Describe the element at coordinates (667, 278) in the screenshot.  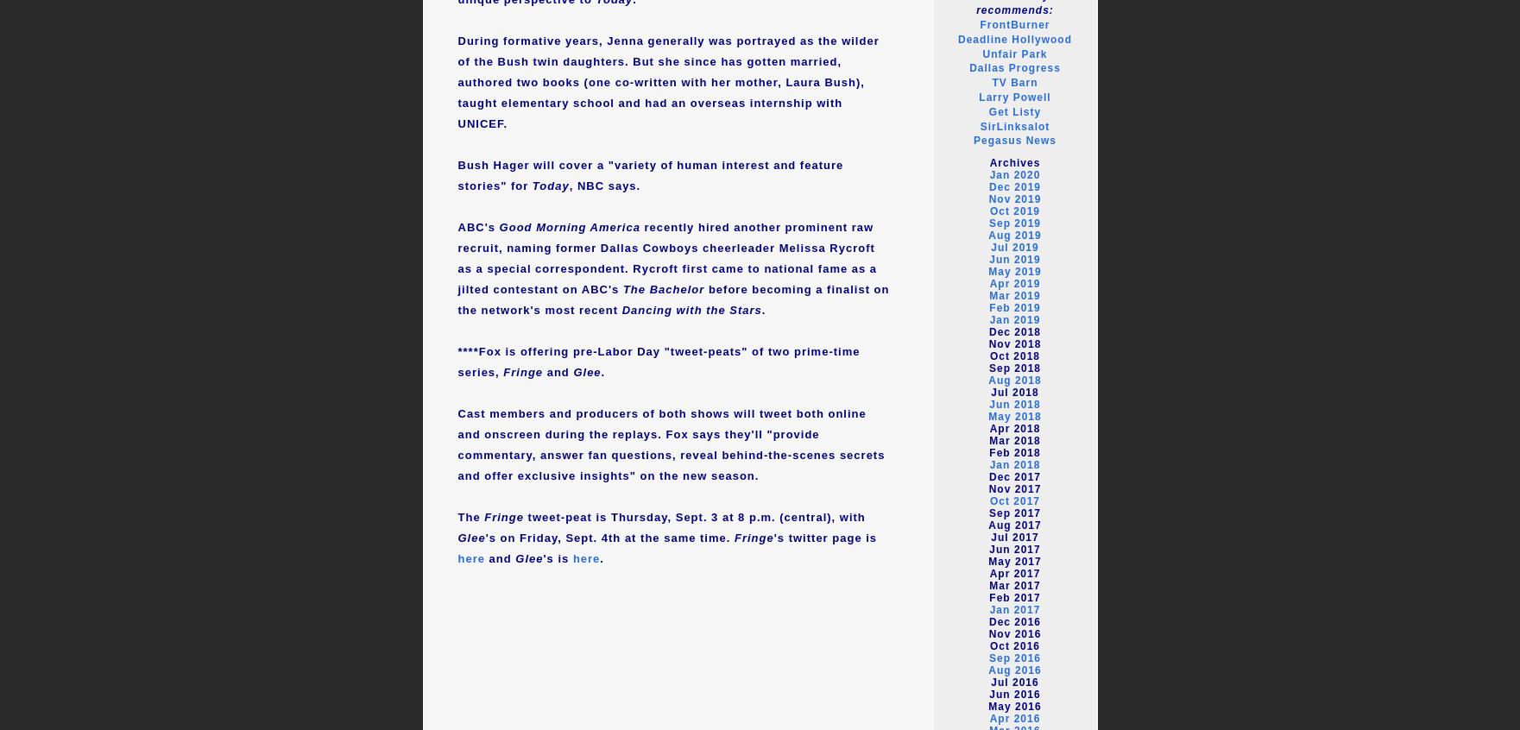
I see `'as a special correspondent. Rycroft first came to national fame as a jilted contestant on ABC's'` at that location.